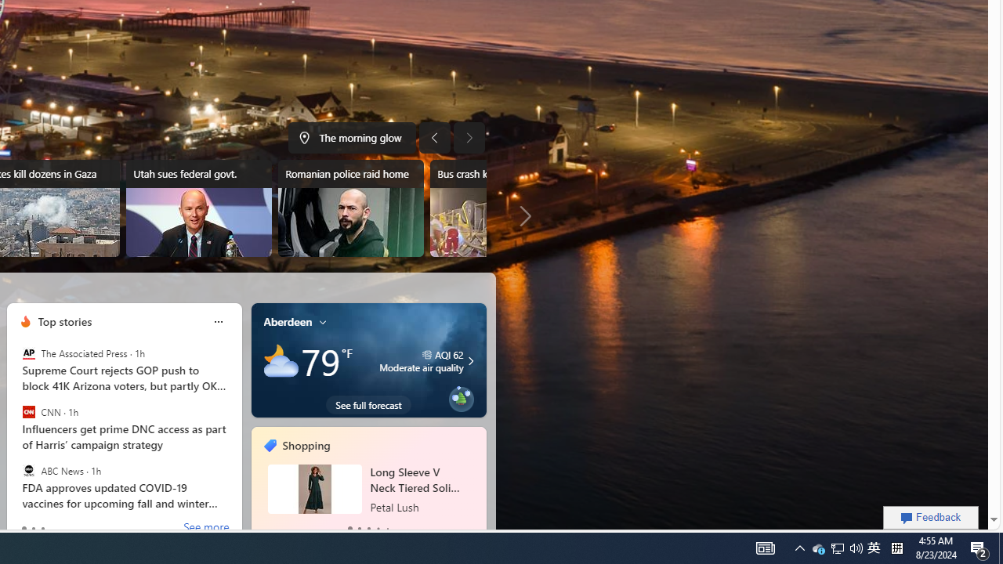 Image resolution: width=1003 pixels, height=564 pixels. I want to click on 'Next image', so click(469, 137).